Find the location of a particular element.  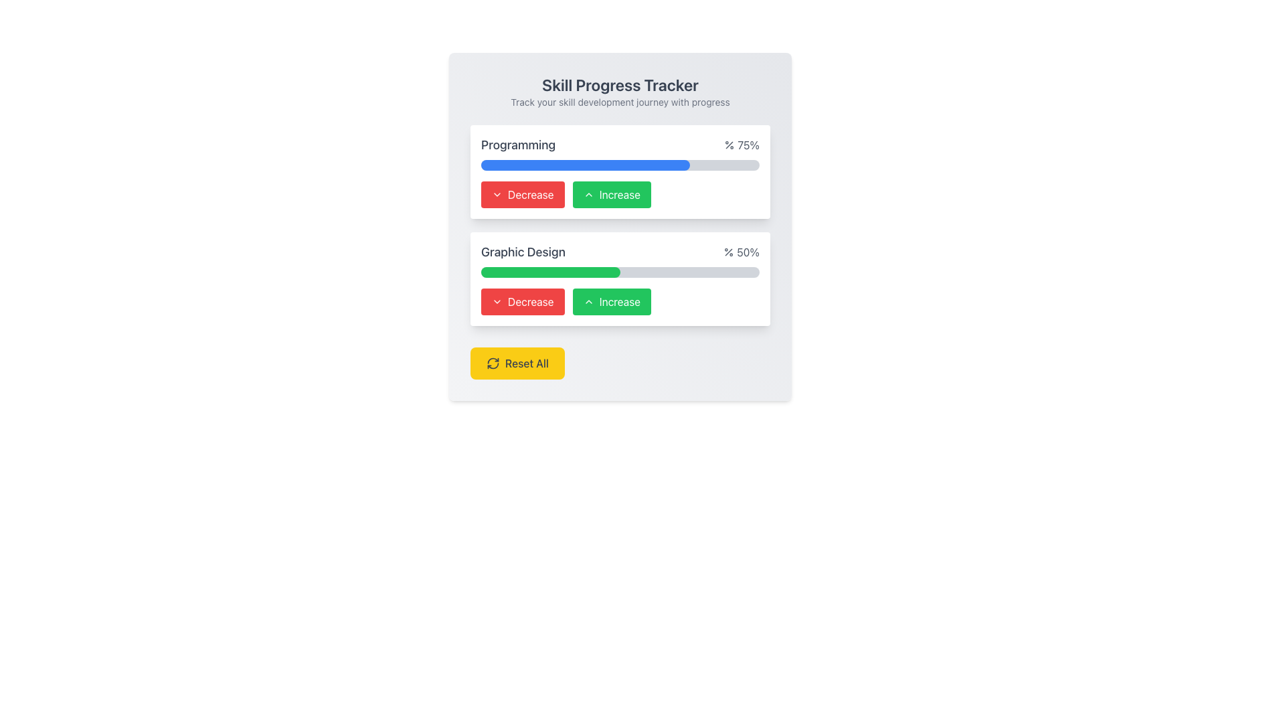

the small down-facing chevron icon located inside the red 'Decrease' button below the 'Programming' progress bar is located at coordinates (497, 194).